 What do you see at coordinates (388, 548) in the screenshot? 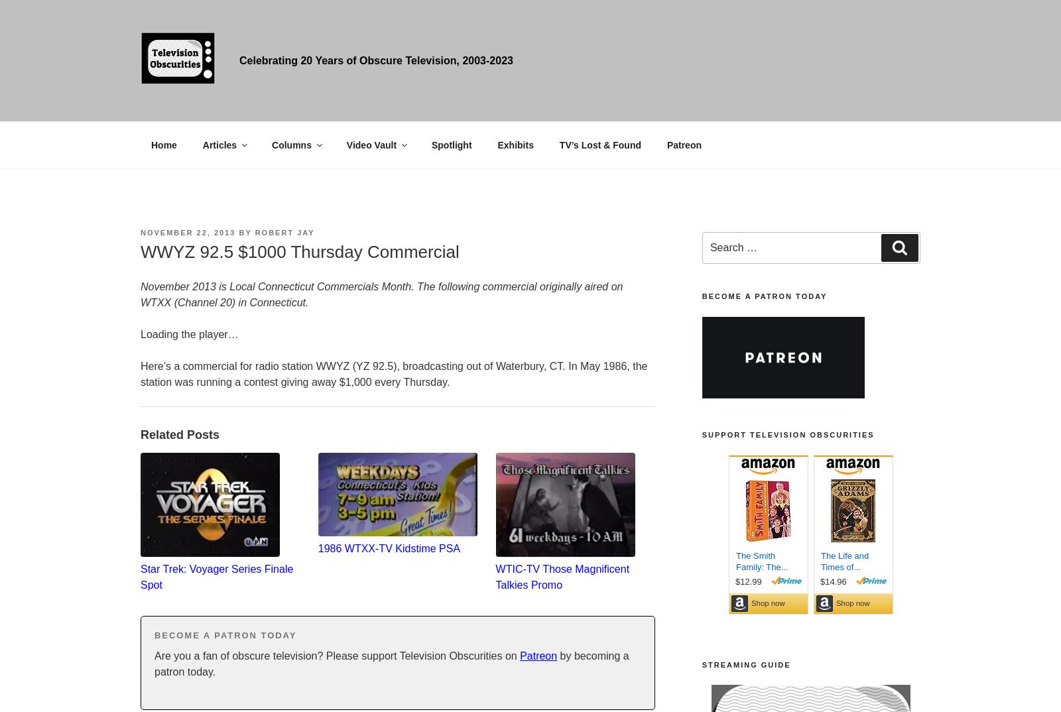
I see `'1986 WTXX-TV Kidstime PSA'` at bounding box center [388, 548].